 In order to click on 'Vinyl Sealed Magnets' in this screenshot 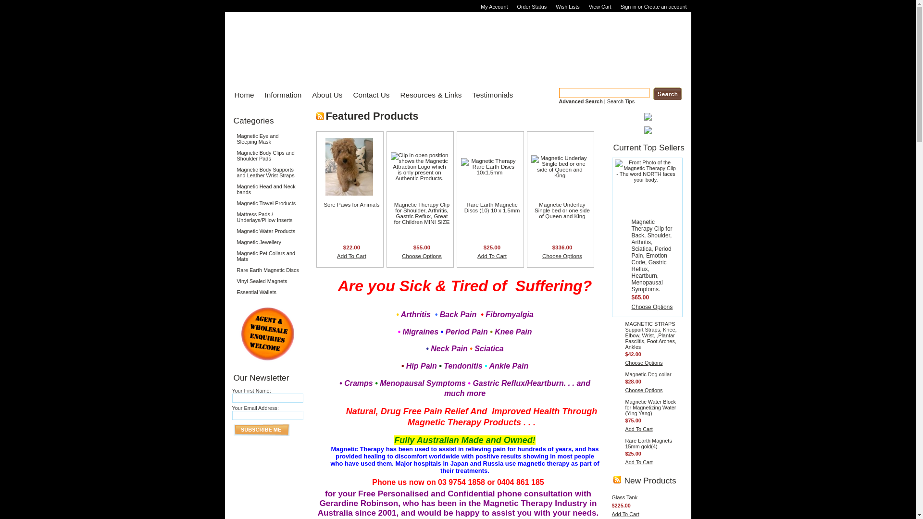, I will do `click(267, 281)`.